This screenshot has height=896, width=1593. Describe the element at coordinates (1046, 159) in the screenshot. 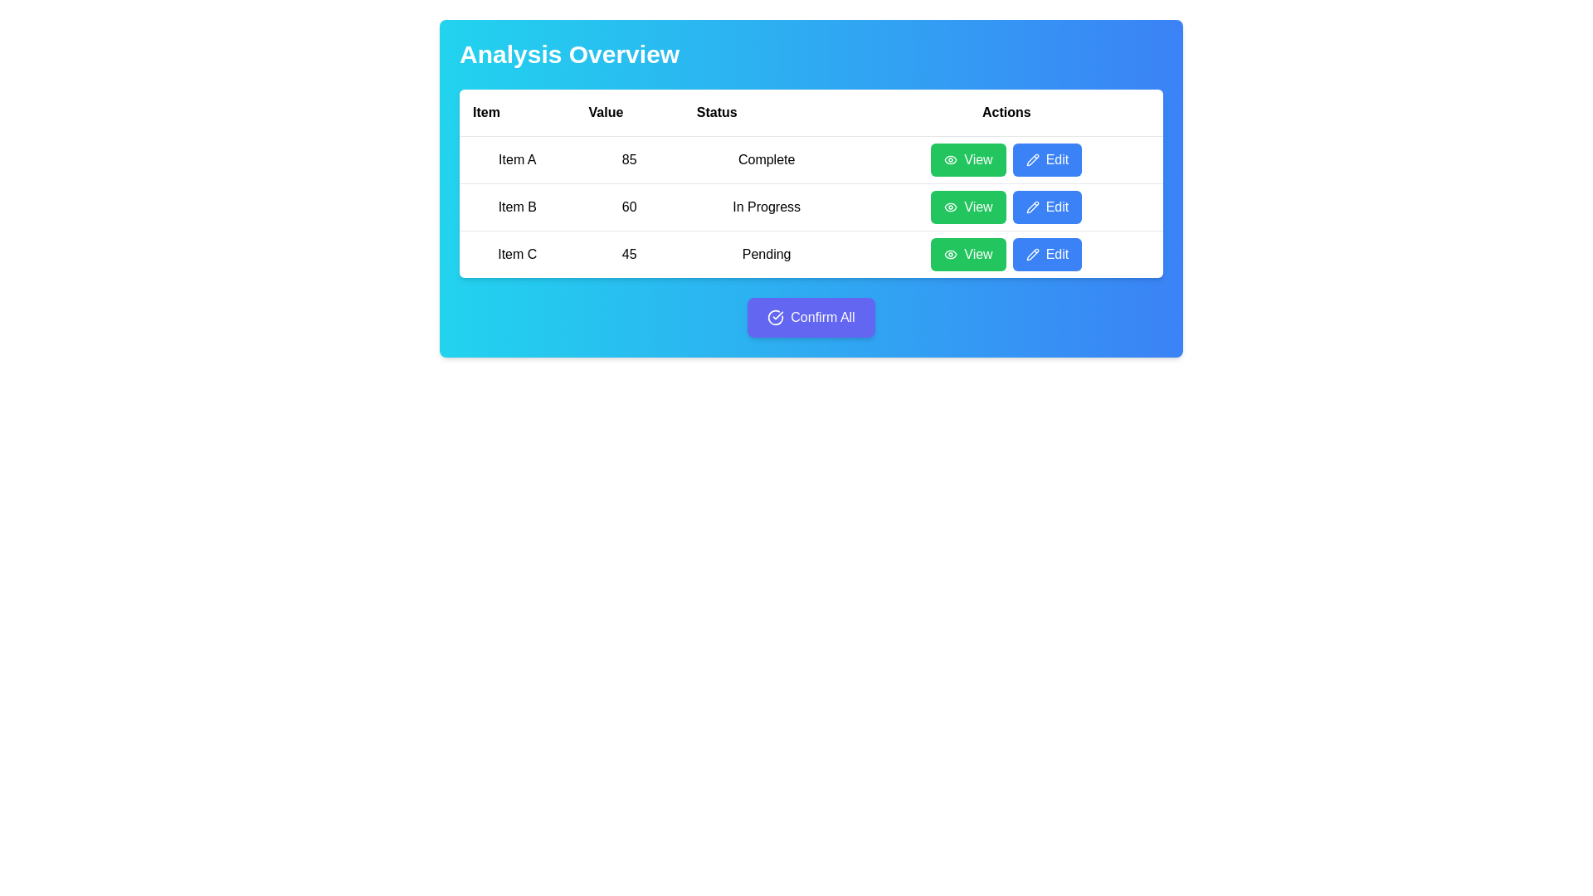

I see `the 'Edit' button, which is a blue button with white rounded edges containing a pencil icon and the text 'Edit'` at that location.